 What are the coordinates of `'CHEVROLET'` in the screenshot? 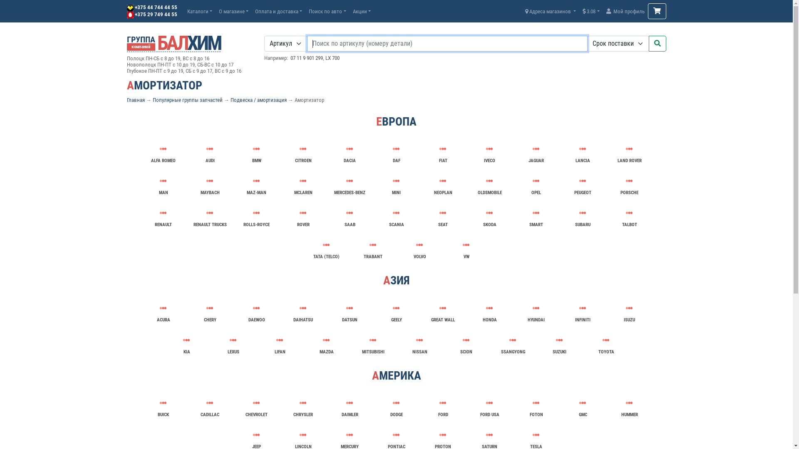 It's located at (256, 402).